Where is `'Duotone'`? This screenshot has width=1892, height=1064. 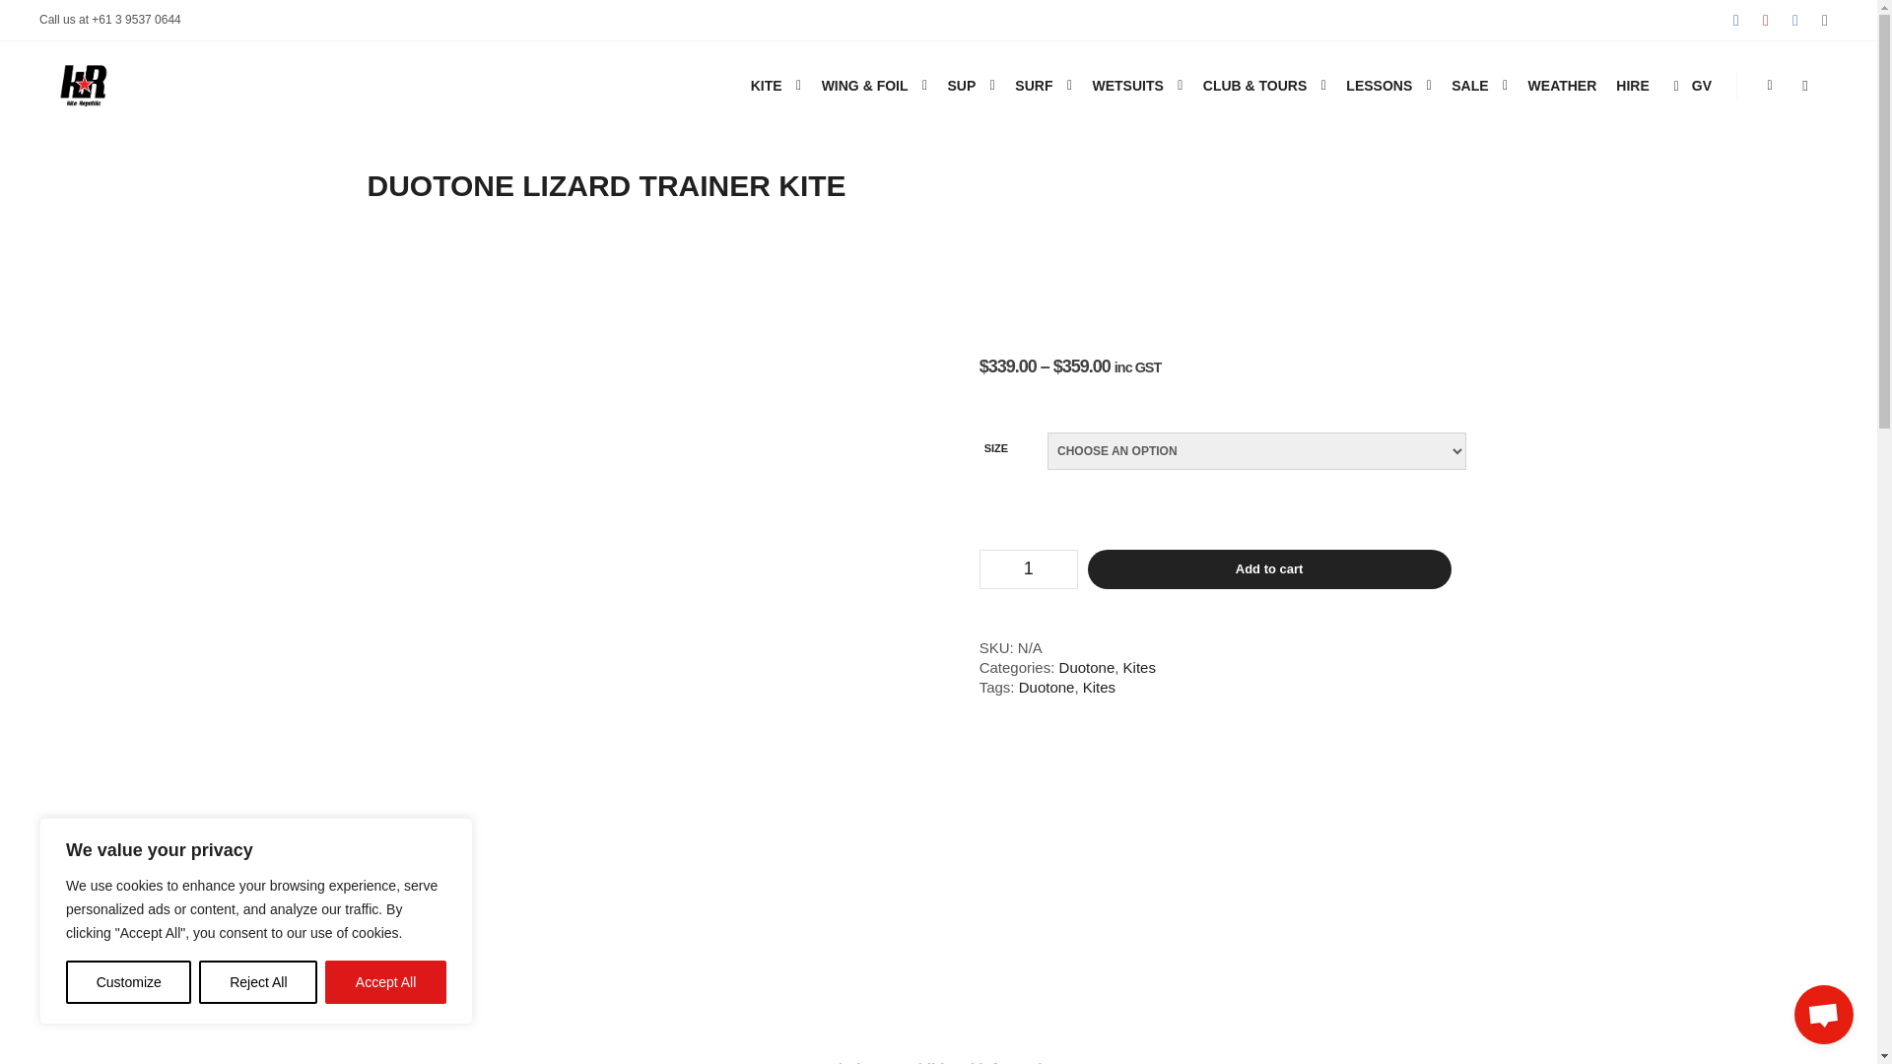
'Duotone' is located at coordinates (1058, 666).